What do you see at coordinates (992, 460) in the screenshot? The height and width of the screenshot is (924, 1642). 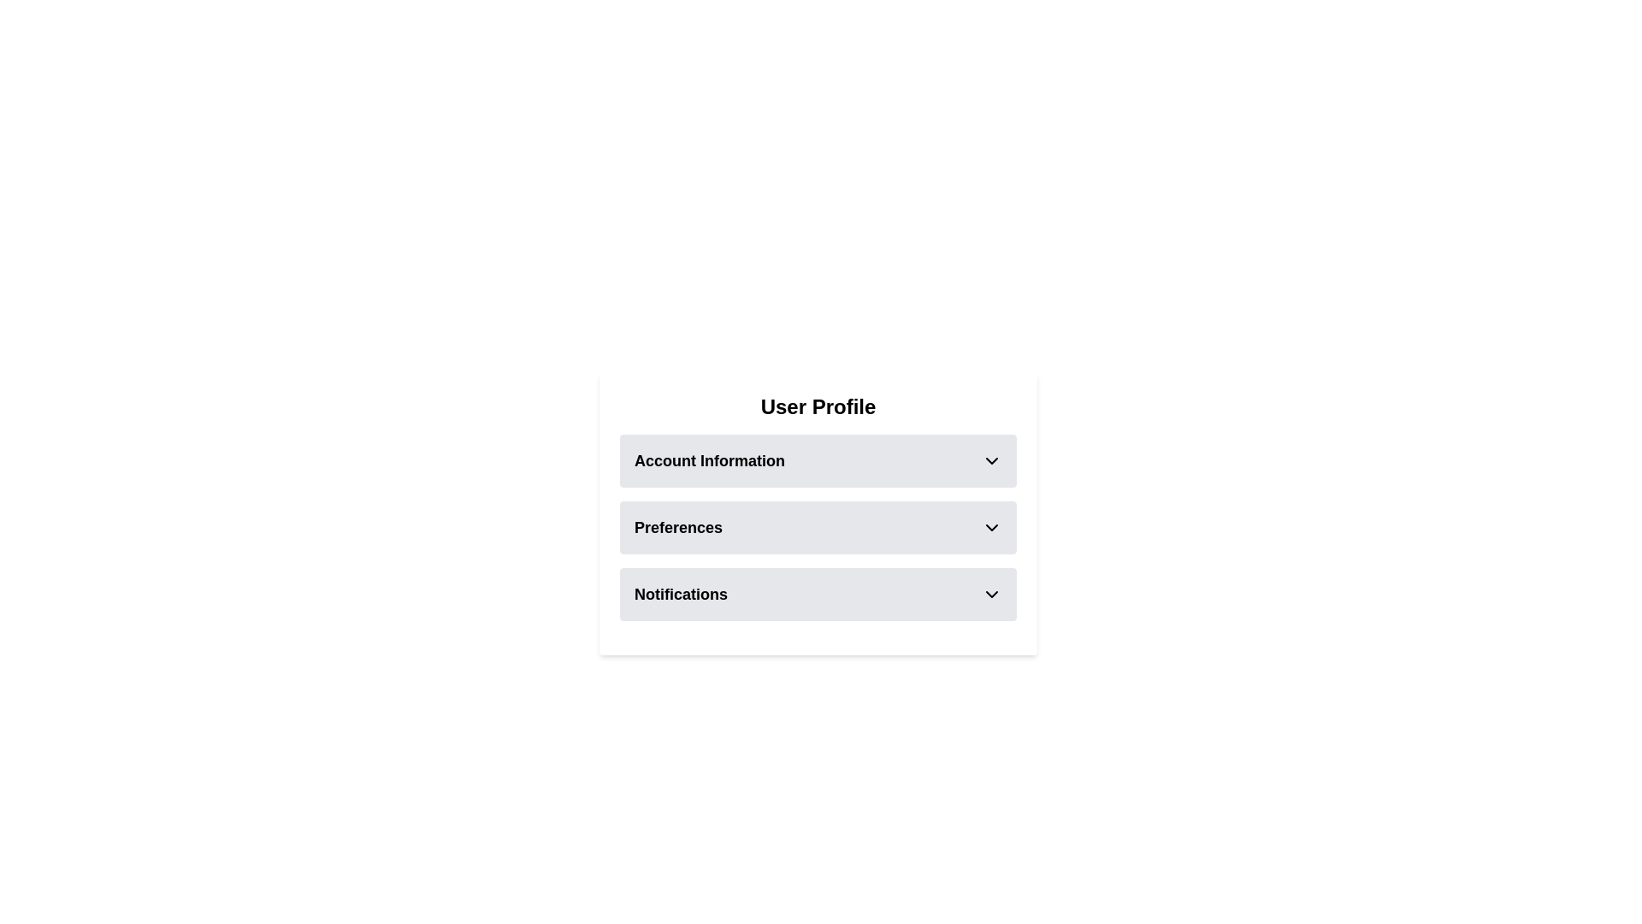 I see `the downward-pointing chevron icon next to 'Account Information'` at bounding box center [992, 460].